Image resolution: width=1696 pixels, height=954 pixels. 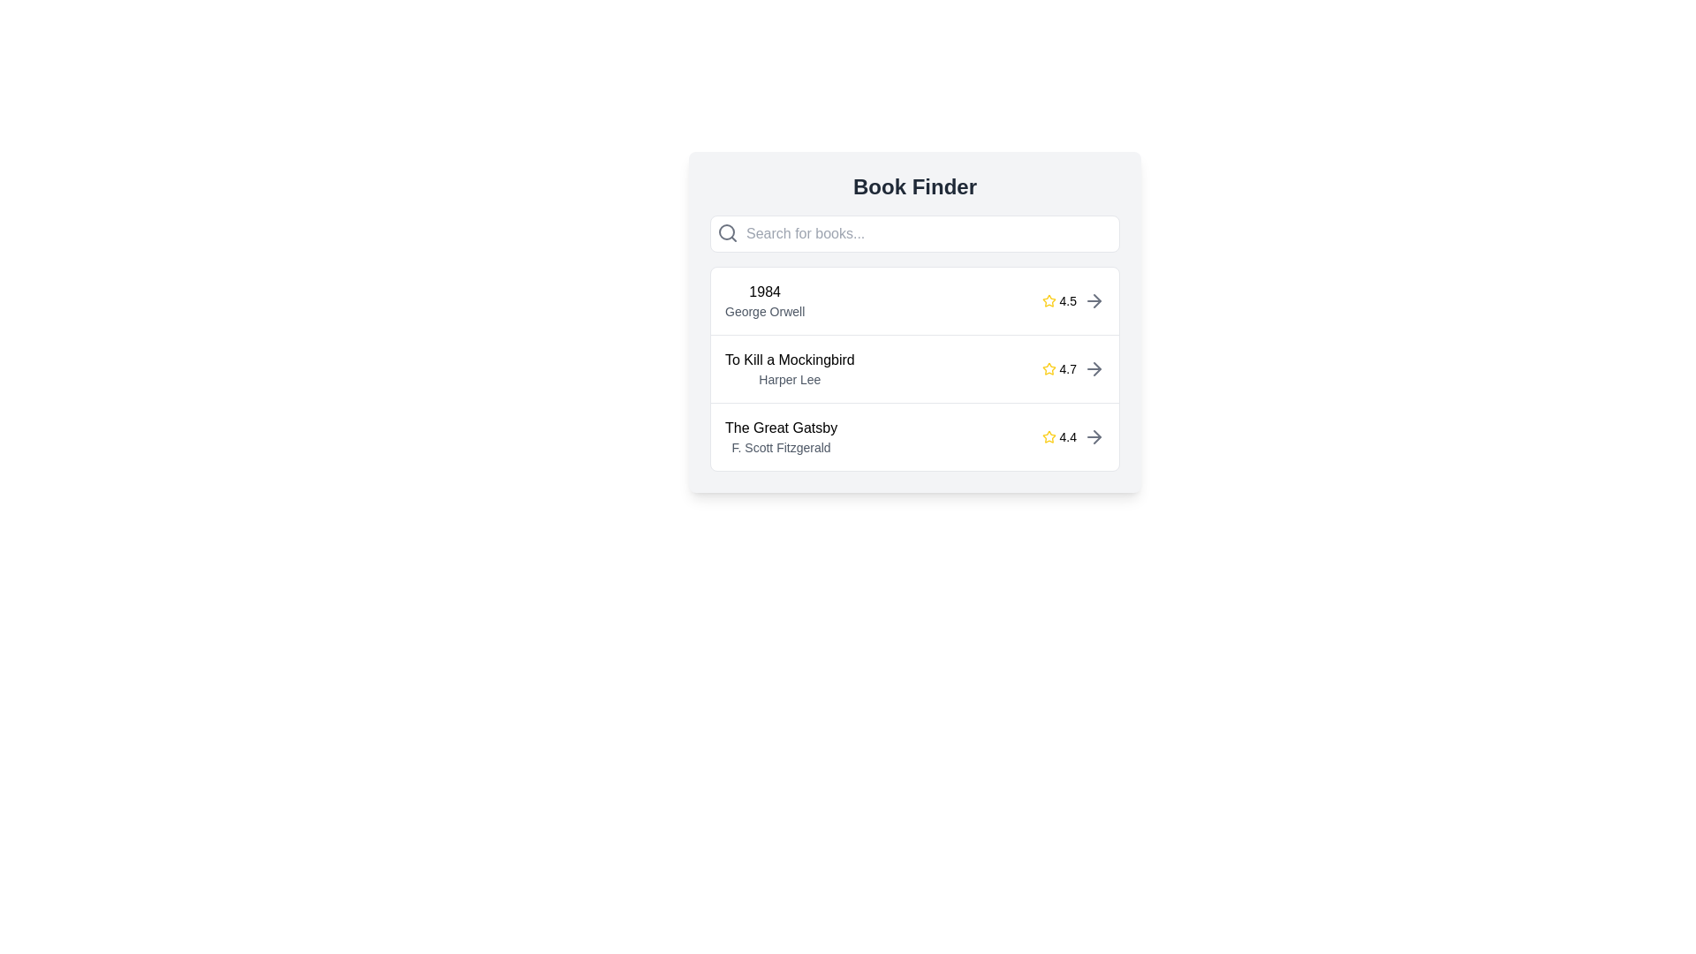 What do you see at coordinates (765, 311) in the screenshot?
I see `the text label displaying the author name 'George Orwell' associated with the book title '1984', located under the main heading '1984' as the lower text in a vertically stacked pair` at bounding box center [765, 311].